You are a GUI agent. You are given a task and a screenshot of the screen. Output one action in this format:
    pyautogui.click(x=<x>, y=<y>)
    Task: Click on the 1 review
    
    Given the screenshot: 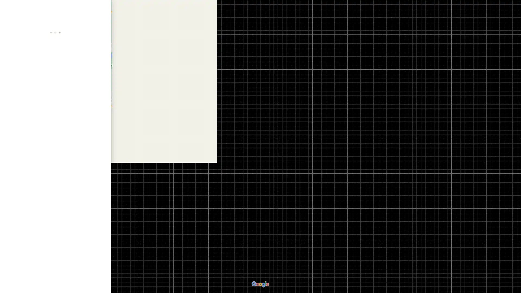 What is the action you would take?
    pyautogui.click(x=40, y=82)
    